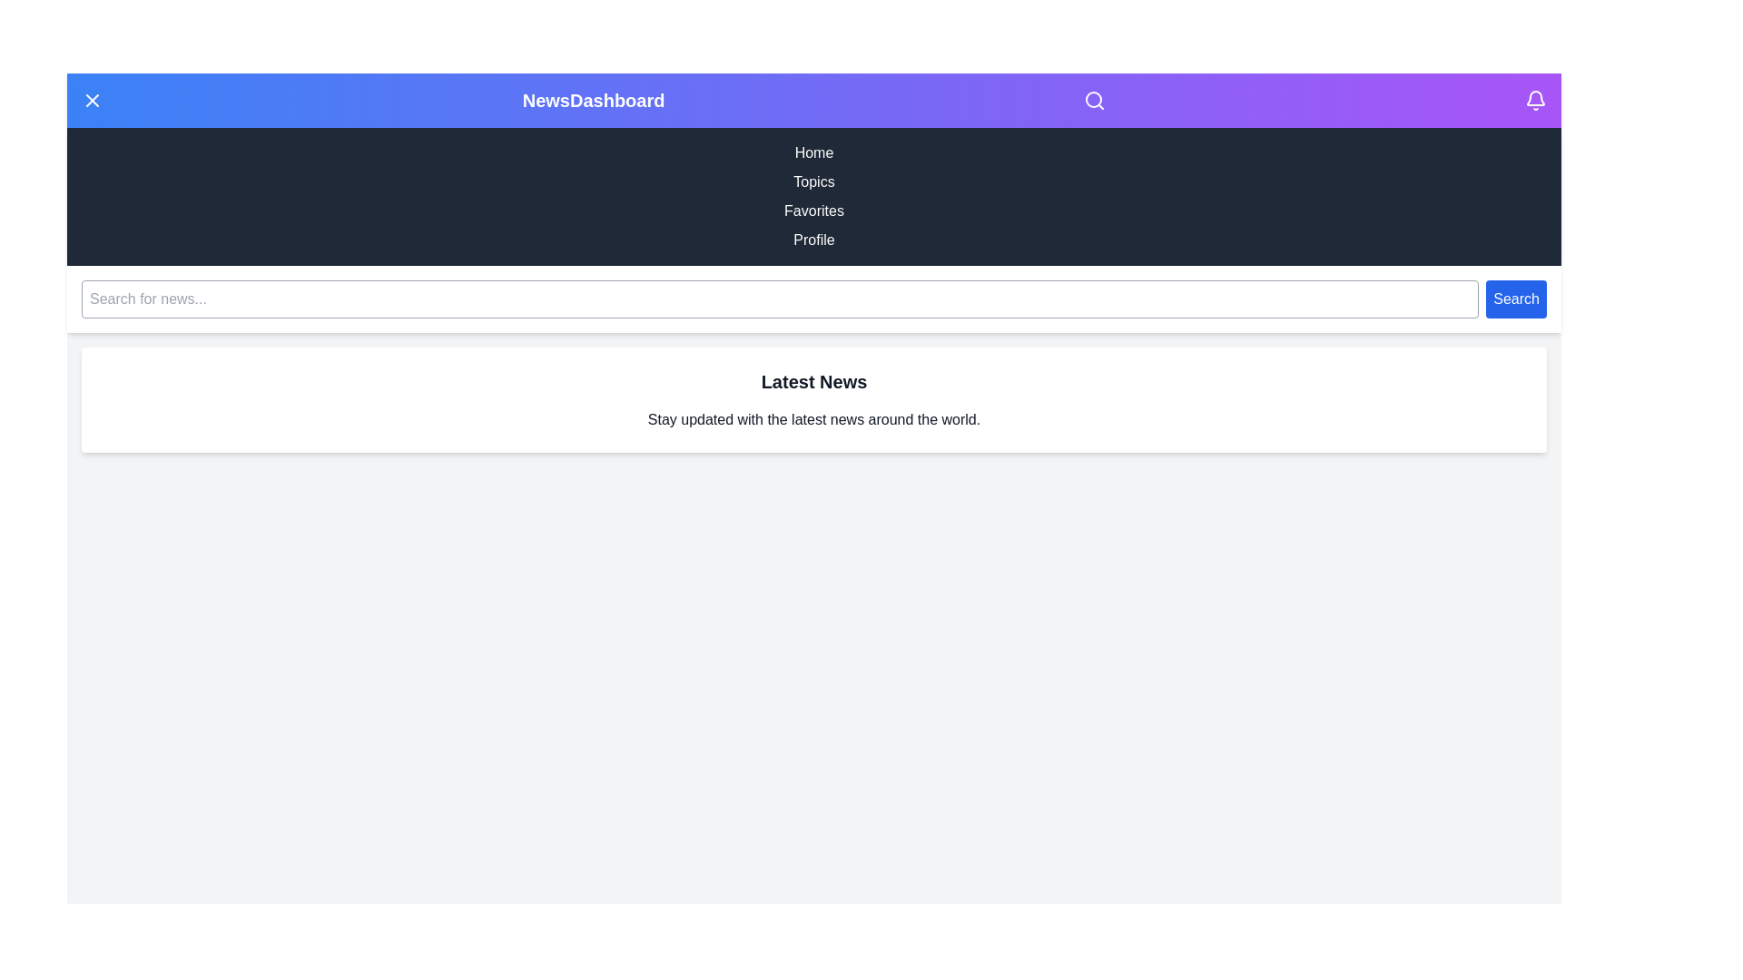  What do you see at coordinates (813, 419) in the screenshot?
I see `the Latest News section to interact with its content` at bounding box center [813, 419].